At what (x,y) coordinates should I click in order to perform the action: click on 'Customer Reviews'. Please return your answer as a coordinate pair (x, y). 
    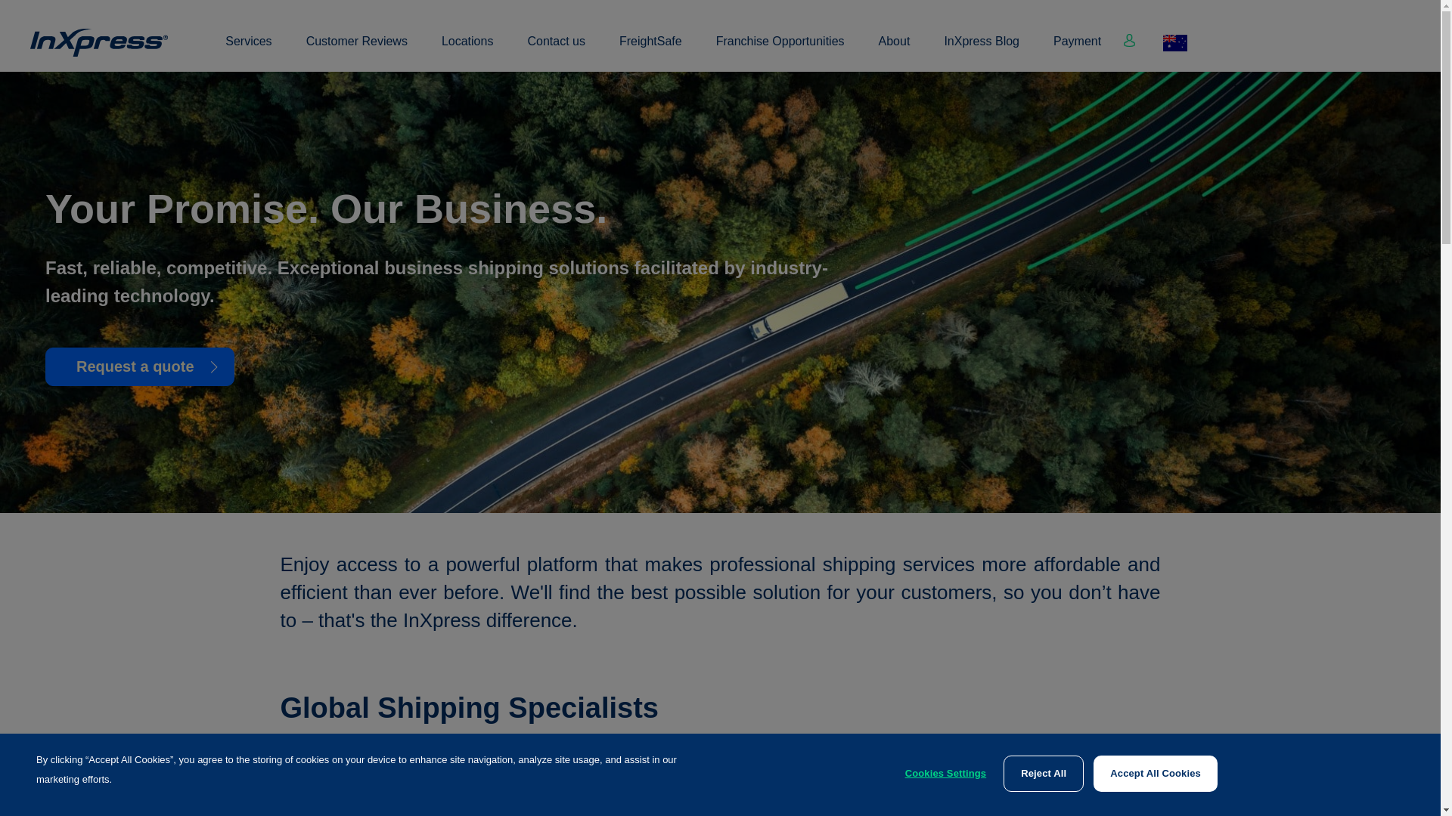
    Looking at the image, I should click on (355, 49).